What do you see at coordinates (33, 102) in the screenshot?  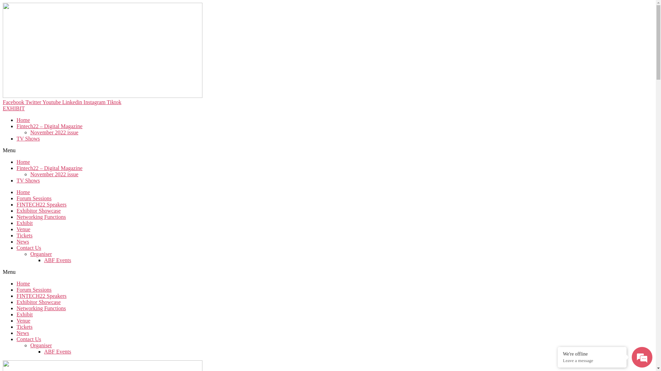 I see `'Twitter'` at bounding box center [33, 102].